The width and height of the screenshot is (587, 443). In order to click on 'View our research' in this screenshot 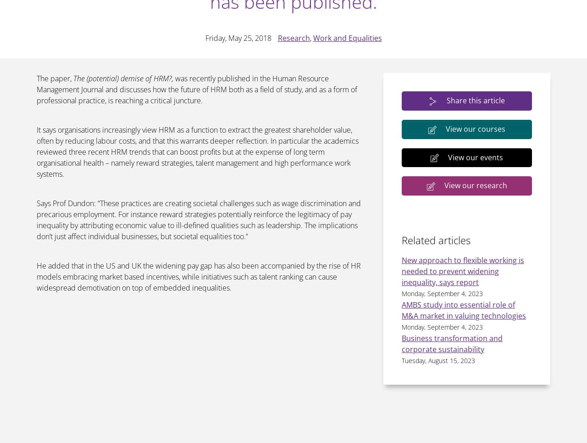, I will do `click(443, 185)`.